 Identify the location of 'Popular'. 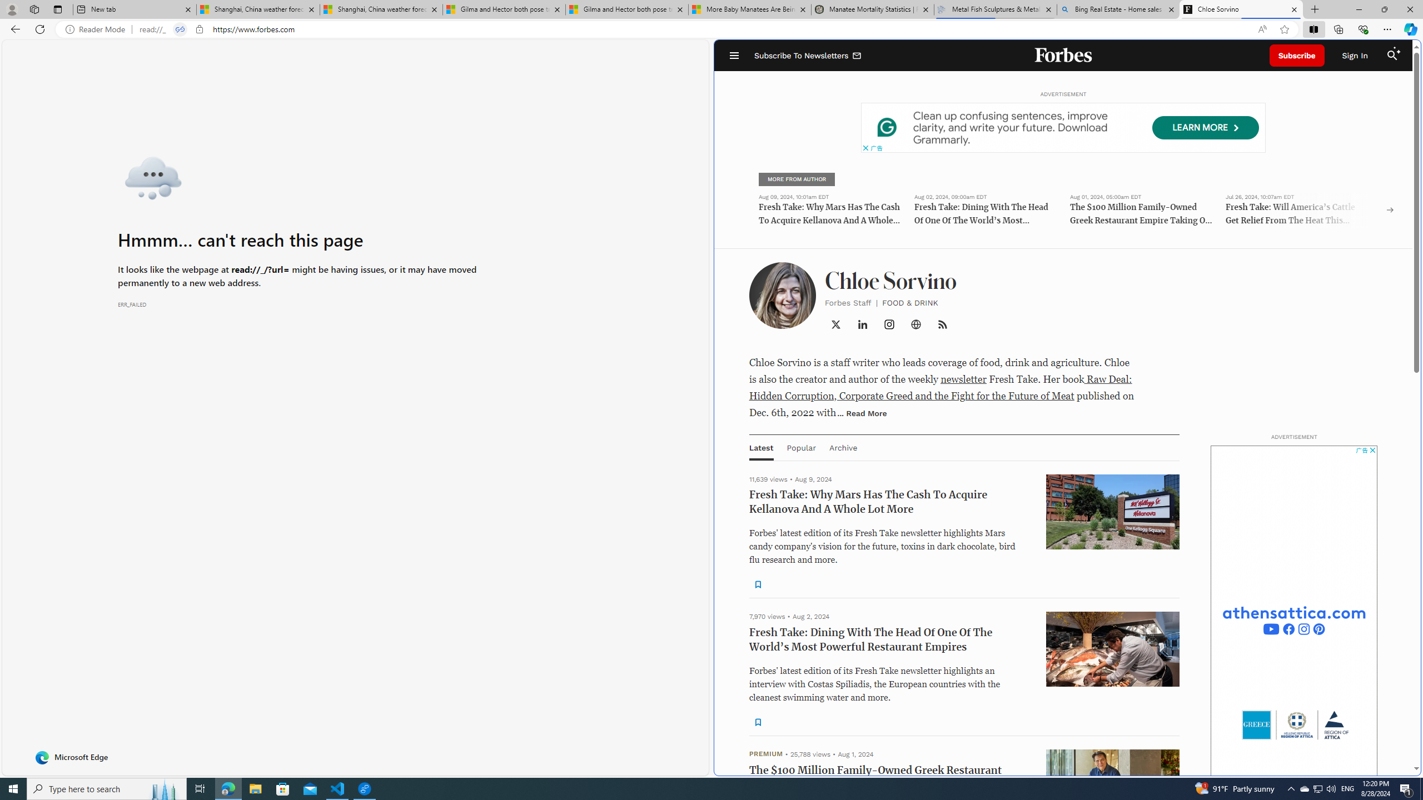
(800, 447).